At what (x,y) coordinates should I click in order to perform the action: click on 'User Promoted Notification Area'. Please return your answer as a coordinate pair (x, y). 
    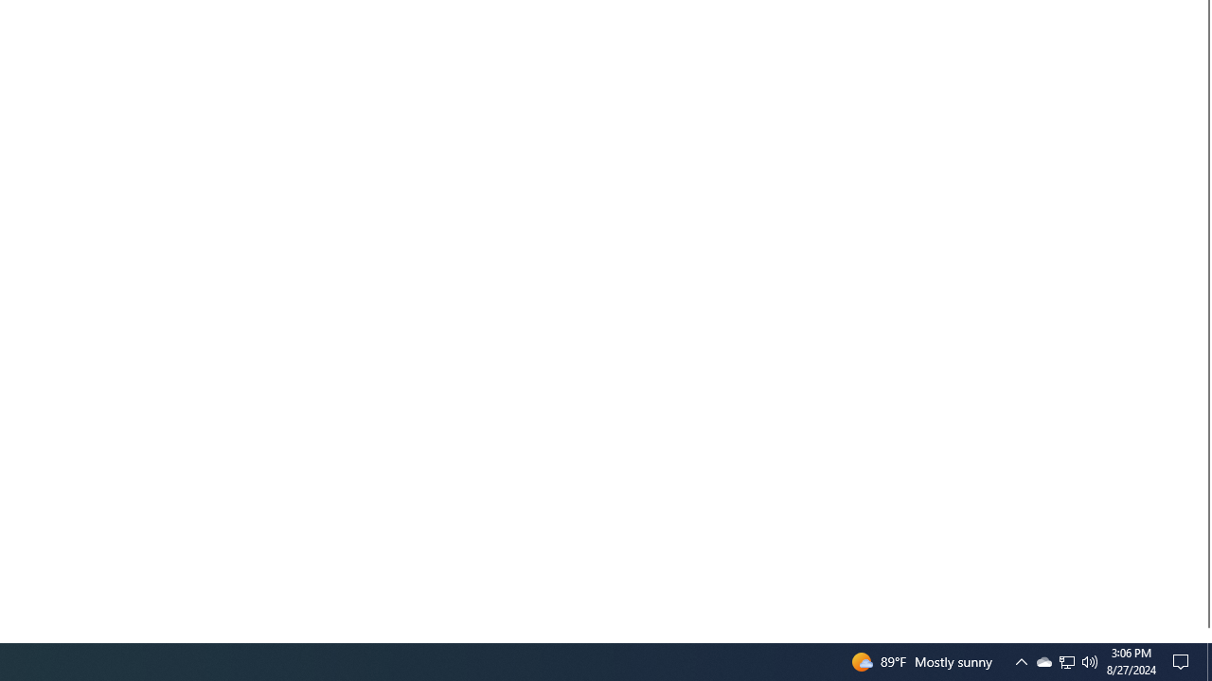
    Looking at the image, I should click on (1067, 660).